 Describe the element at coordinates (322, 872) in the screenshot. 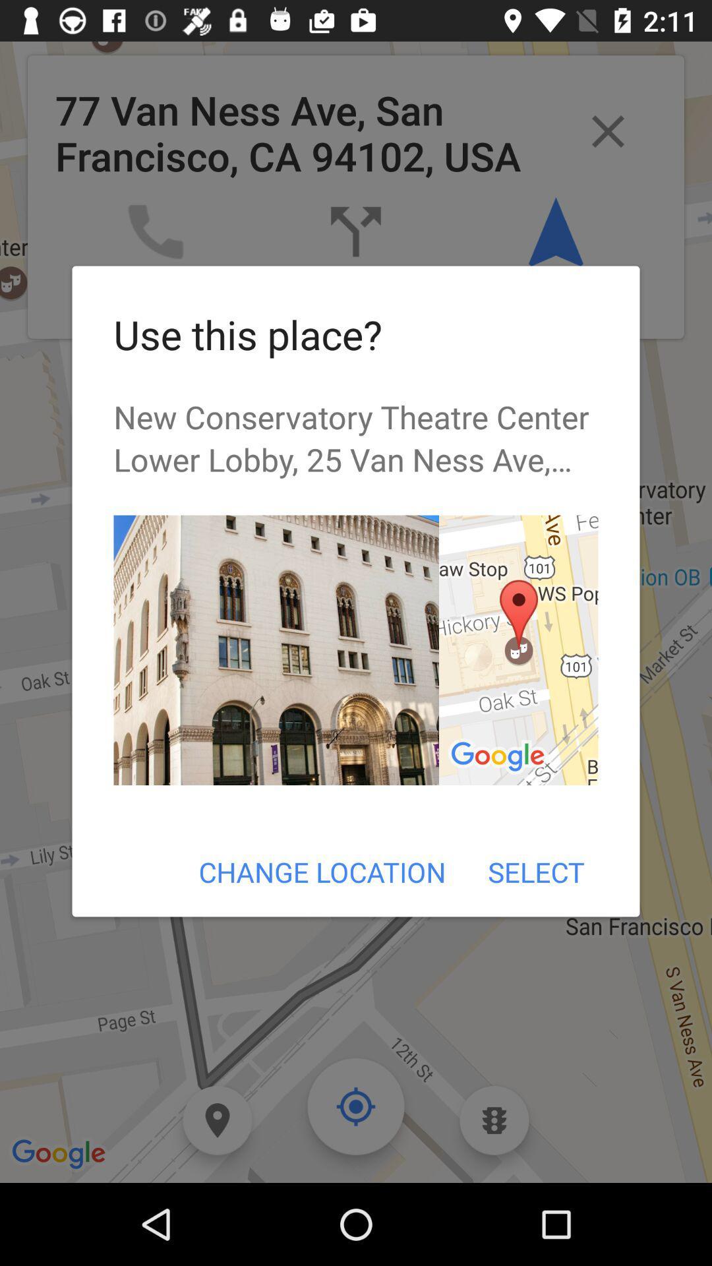

I see `item to the left of select icon` at that location.